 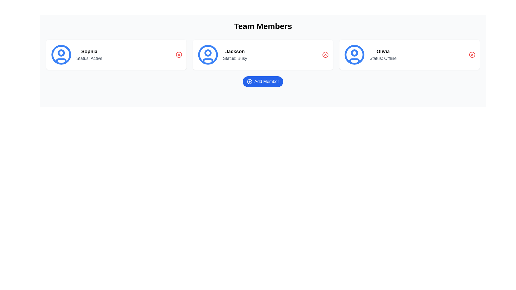 I want to click on the text element displaying the user's name and current status located in the middle of the rightmost user card, below the user's avatar icon, so click(x=383, y=55).